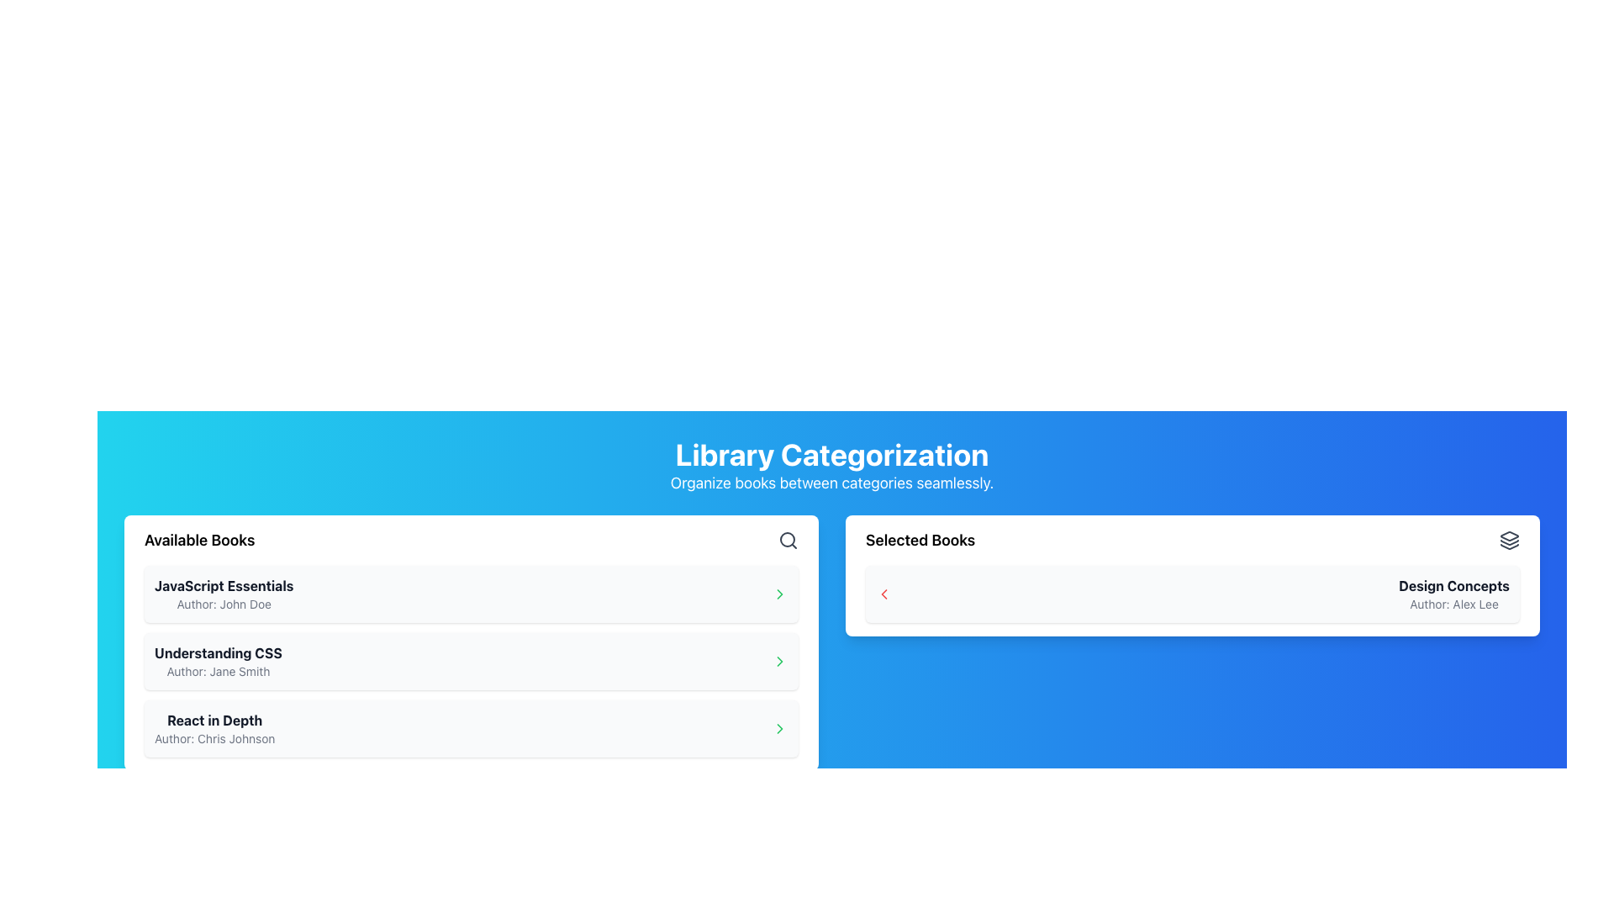  What do you see at coordinates (786, 539) in the screenshot?
I see `the SVG Circle representing the lens of the magnifying glass within the search icon` at bounding box center [786, 539].